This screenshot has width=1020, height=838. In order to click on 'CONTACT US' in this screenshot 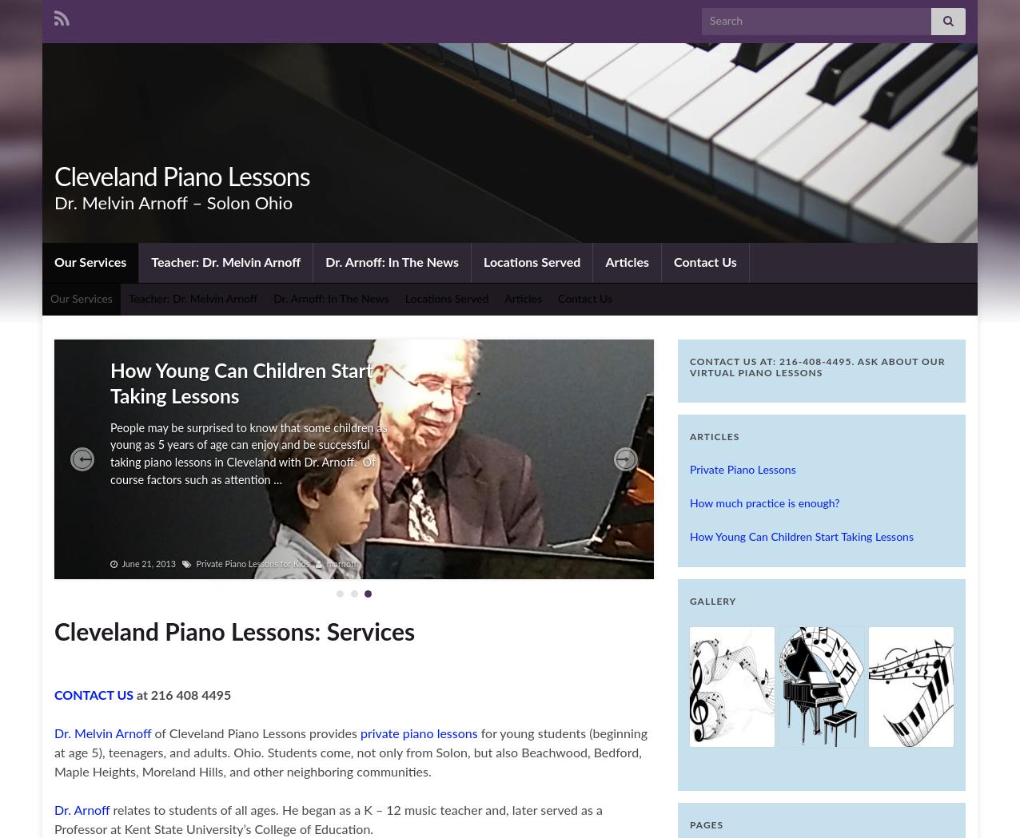, I will do `click(94, 695)`.